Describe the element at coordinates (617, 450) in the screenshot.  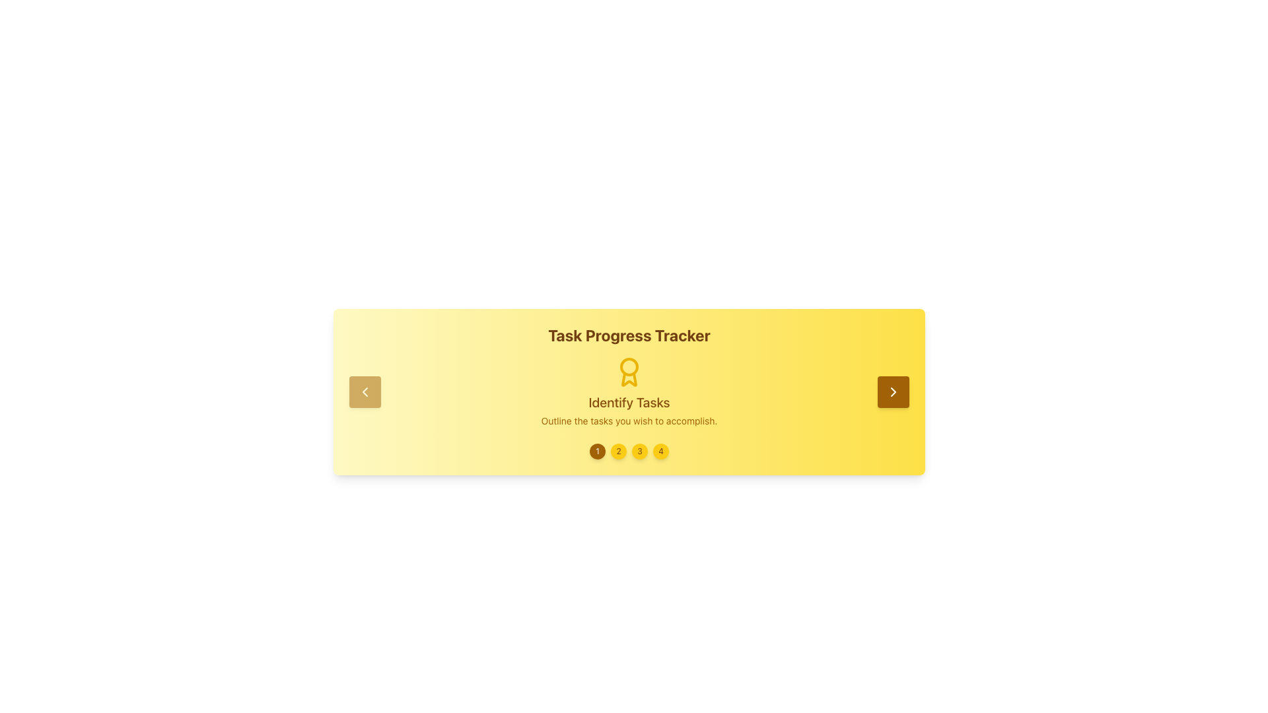
I see `the small, circular button with a yellow background and the number '2', located directly below the text 'Identify Tasks'` at that location.